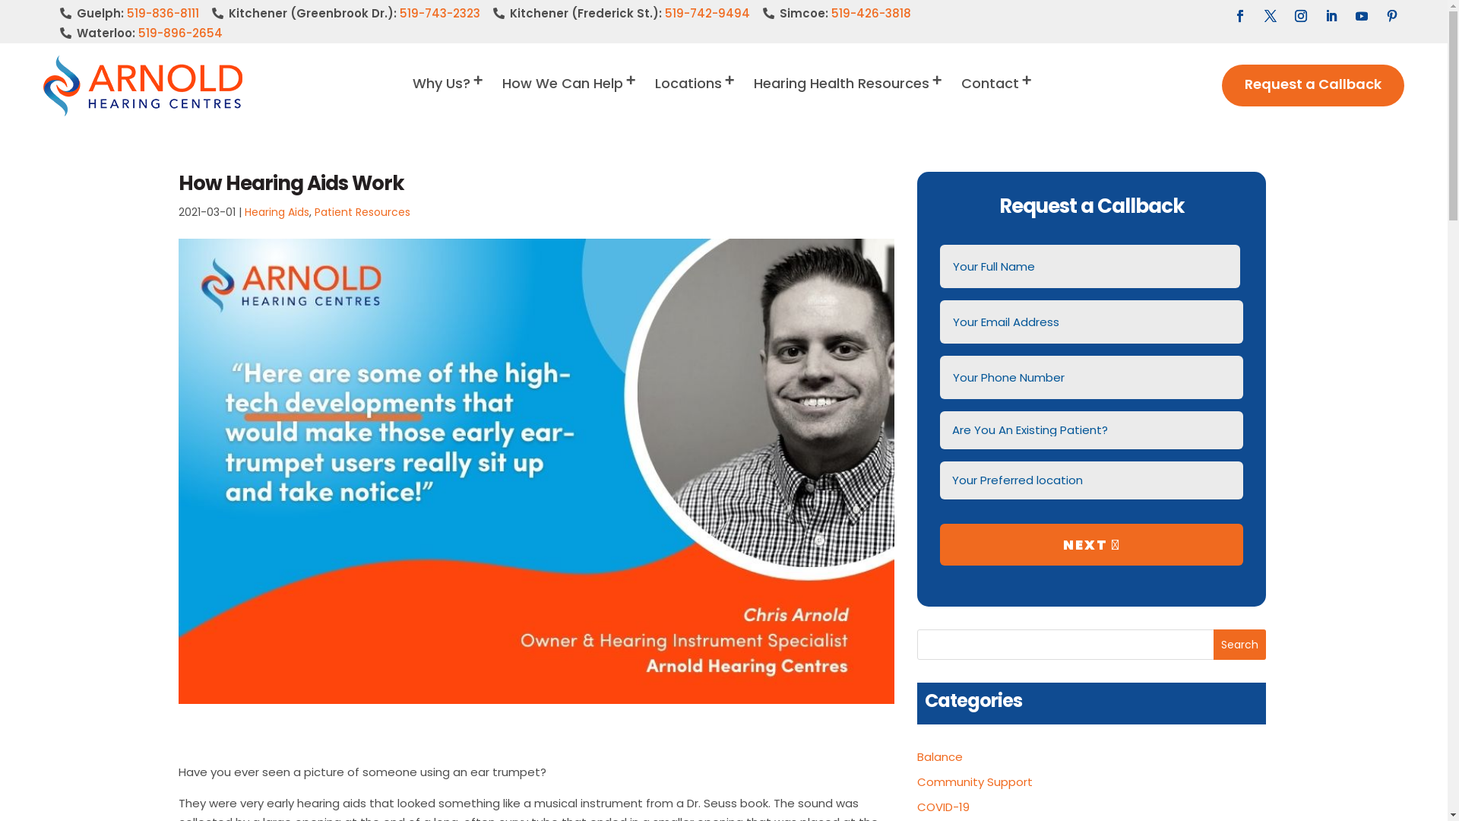  Describe the element at coordinates (361, 211) in the screenshot. I see `'Patient Resources'` at that location.